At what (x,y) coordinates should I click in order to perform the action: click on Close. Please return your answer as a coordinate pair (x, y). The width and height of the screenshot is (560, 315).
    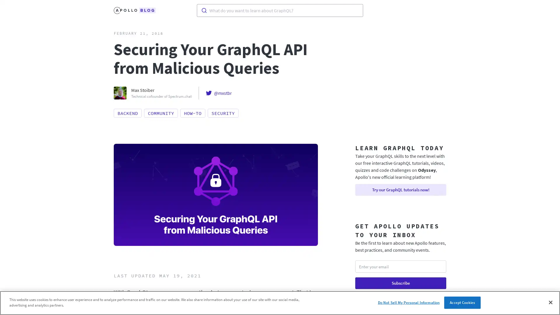
    Looking at the image, I should click on (550, 302).